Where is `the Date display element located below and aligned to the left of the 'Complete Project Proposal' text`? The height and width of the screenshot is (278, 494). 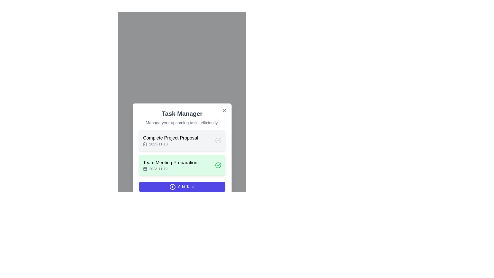
the Date display element located below and aligned to the left of the 'Complete Project Proposal' text is located at coordinates (170, 144).